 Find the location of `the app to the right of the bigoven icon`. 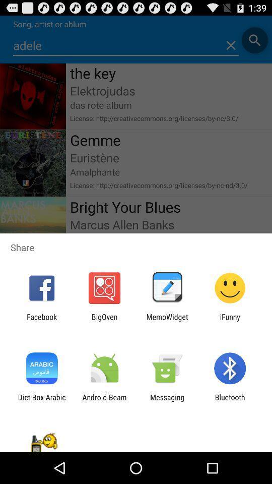

the app to the right of the bigoven icon is located at coordinates (167, 321).